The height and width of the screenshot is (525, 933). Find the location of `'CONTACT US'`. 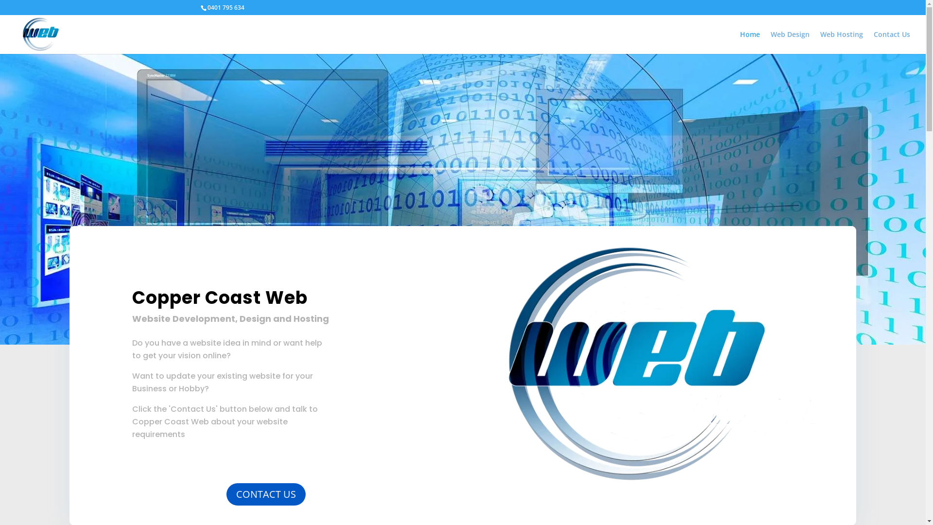

'CONTACT US' is located at coordinates (225, 494).